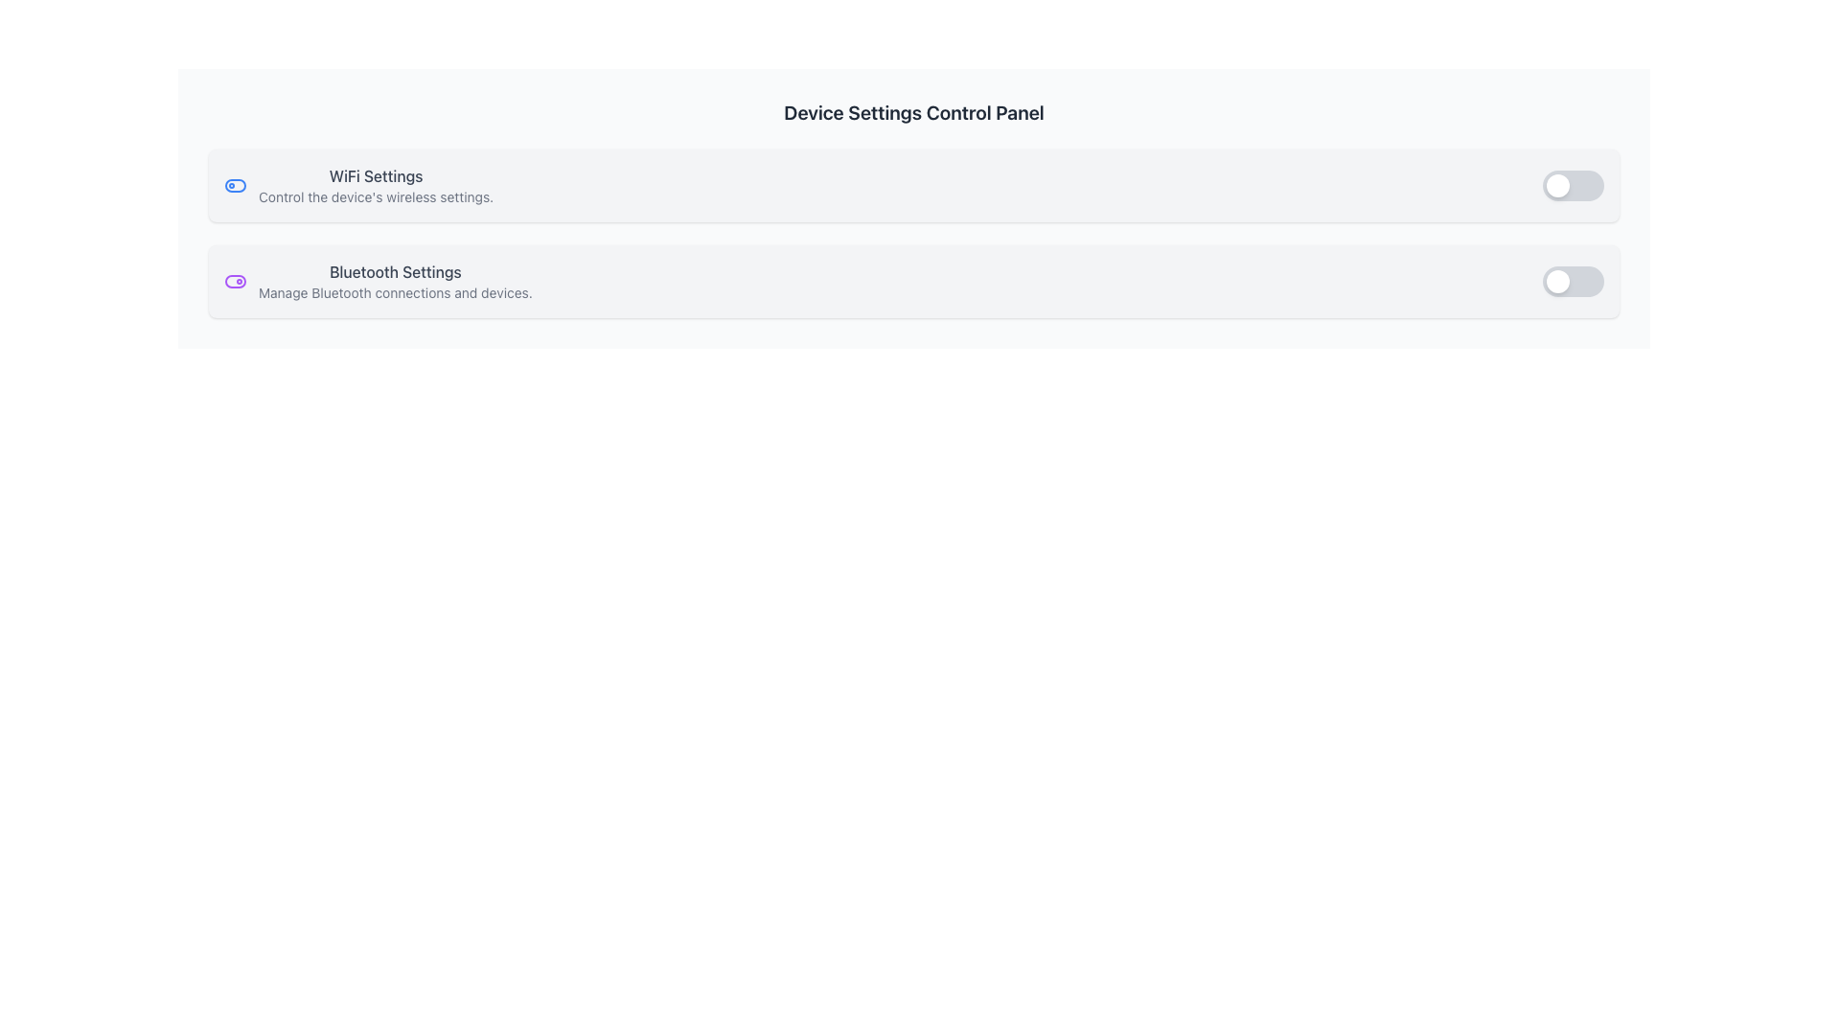  Describe the element at coordinates (1558, 185) in the screenshot. I see `the toggle switch knob located at the top-right section of the interface, on the right side of the 'WiFi Settings' row, to switch its position from 'off' to 'on'` at that location.